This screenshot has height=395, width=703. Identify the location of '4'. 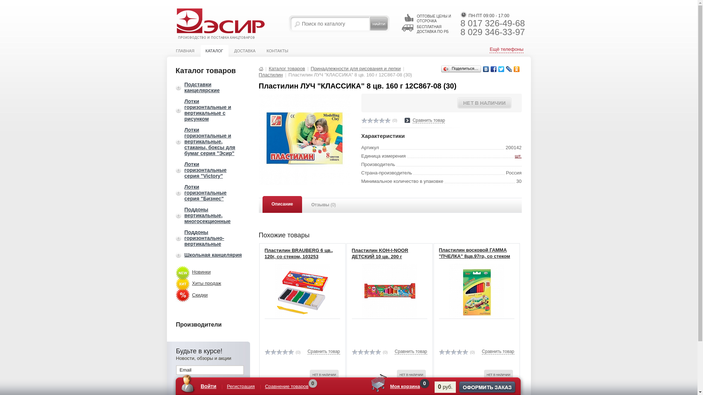
(381, 120).